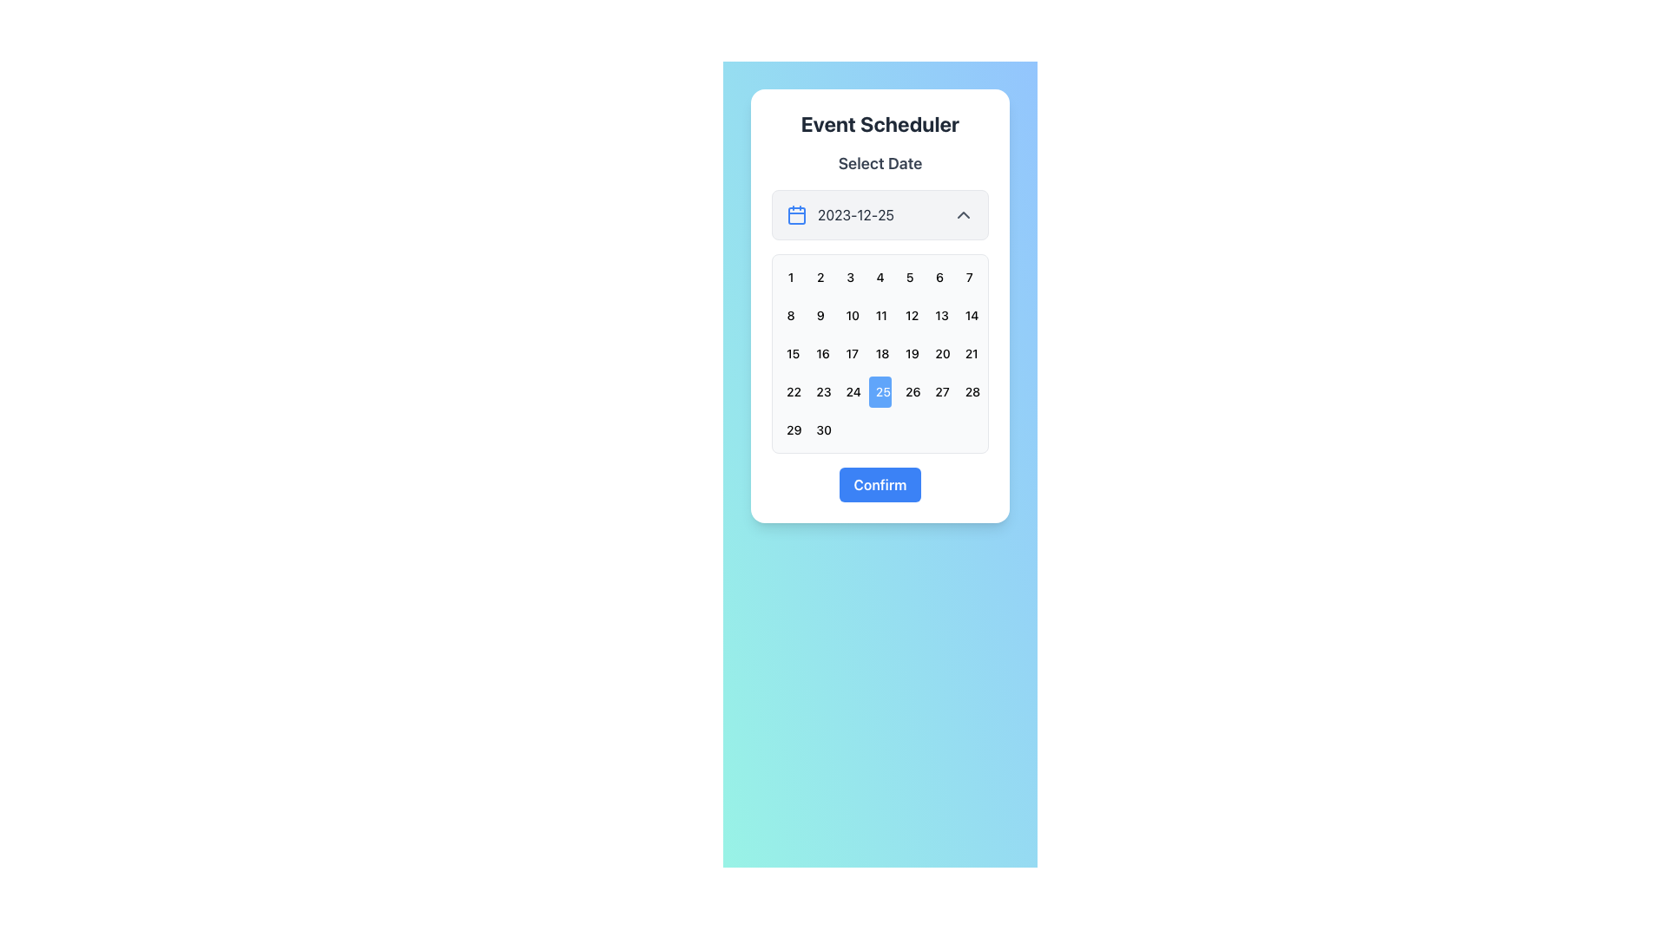 The height and width of the screenshot is (937, 1667). Describe the element at coordinates (880, 277) in the screenshot. I see `the button representing the 4th of the month in the calendar interface to observe the hover effect` at that location.